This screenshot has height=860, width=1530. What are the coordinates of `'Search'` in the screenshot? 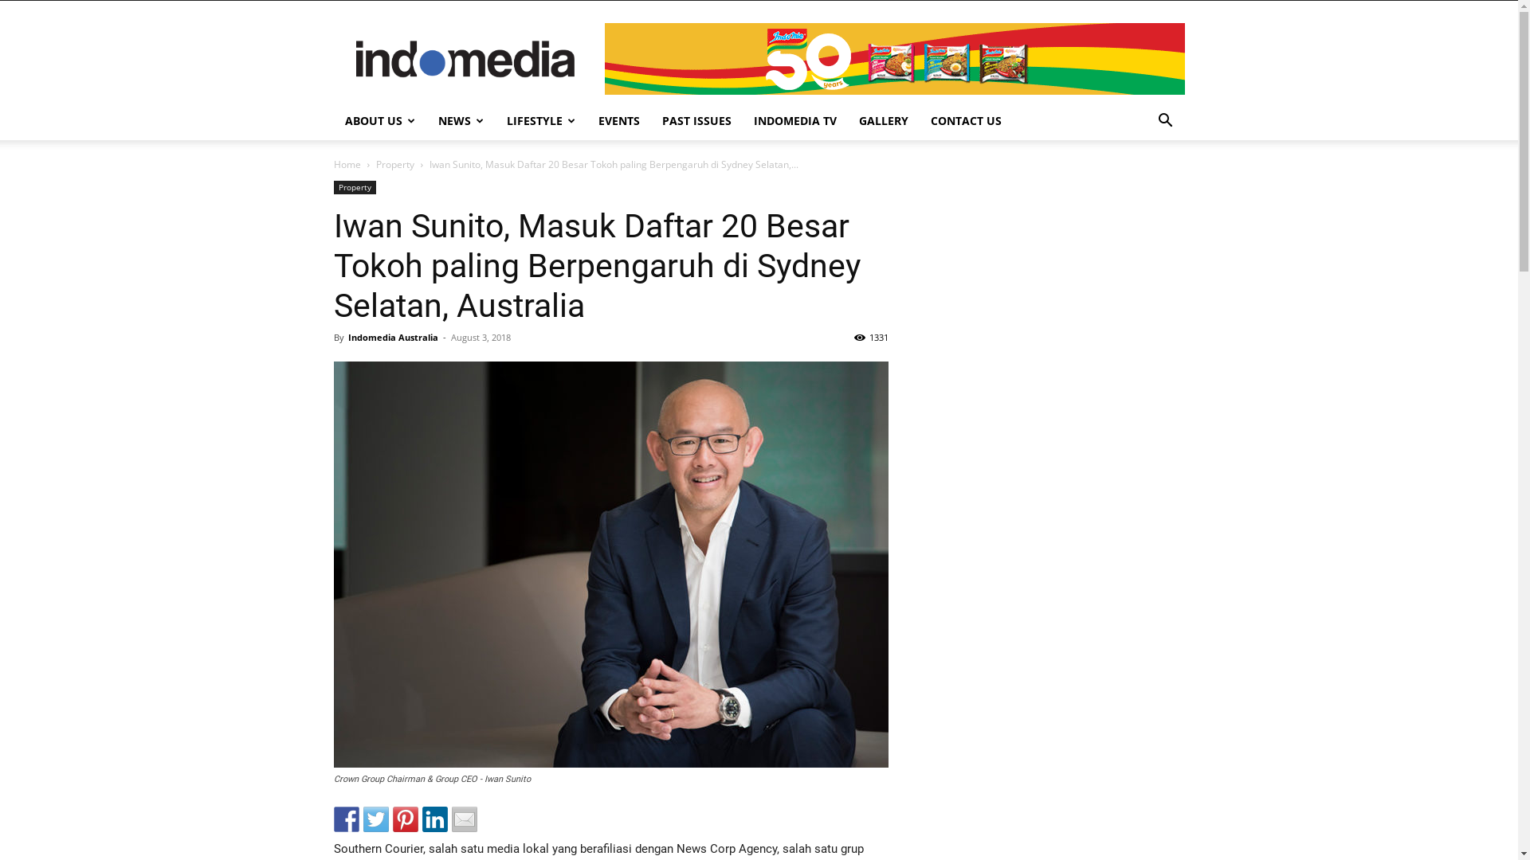 It's located at (1140, 183).